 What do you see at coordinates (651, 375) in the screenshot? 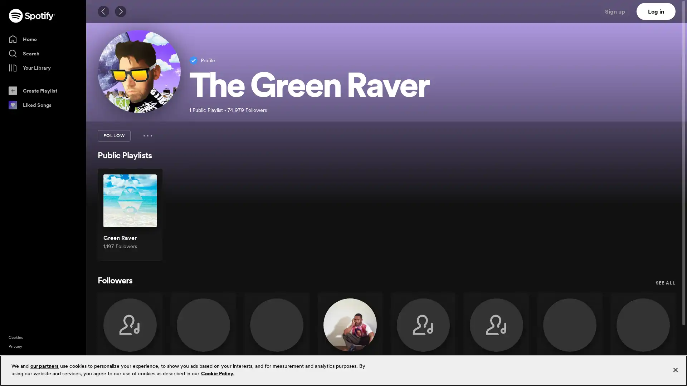
I see `Sign up free` at bounding box center [651, 375].